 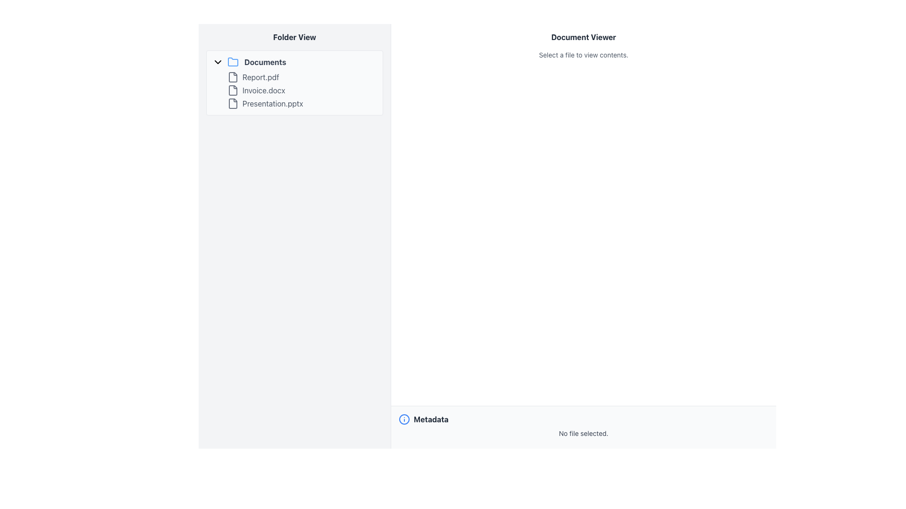 I want to click on the document file icon representing 'Invoice.docx' located in the Documents folder view panel, so click(x=233, y=90).